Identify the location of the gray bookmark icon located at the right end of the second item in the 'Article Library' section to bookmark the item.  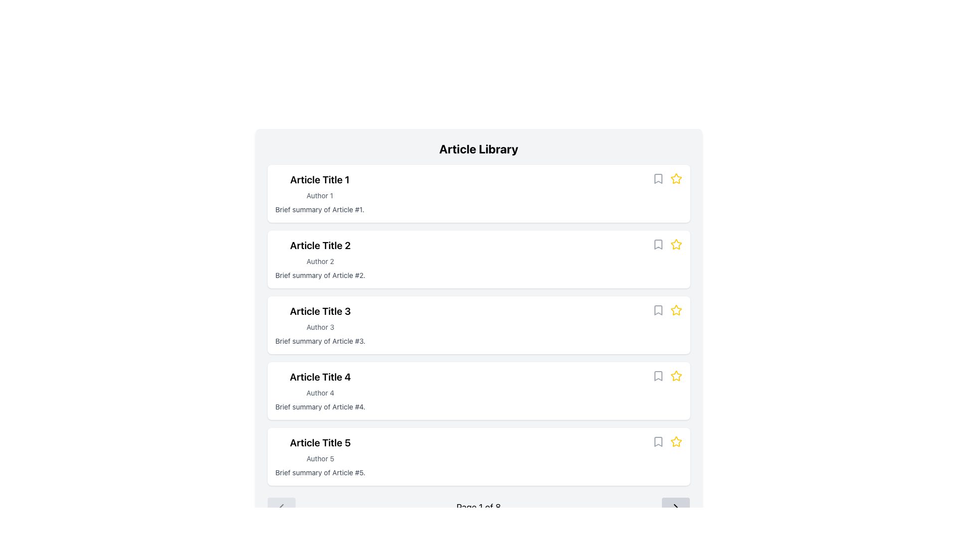
(658, 244).